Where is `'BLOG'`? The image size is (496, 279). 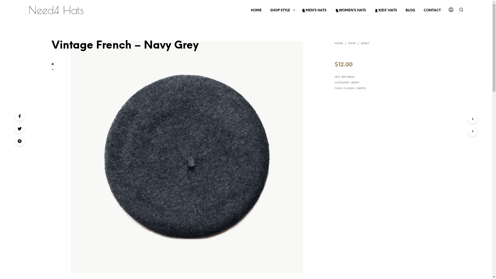 'BLOG' is located at coordinates (410, 11).